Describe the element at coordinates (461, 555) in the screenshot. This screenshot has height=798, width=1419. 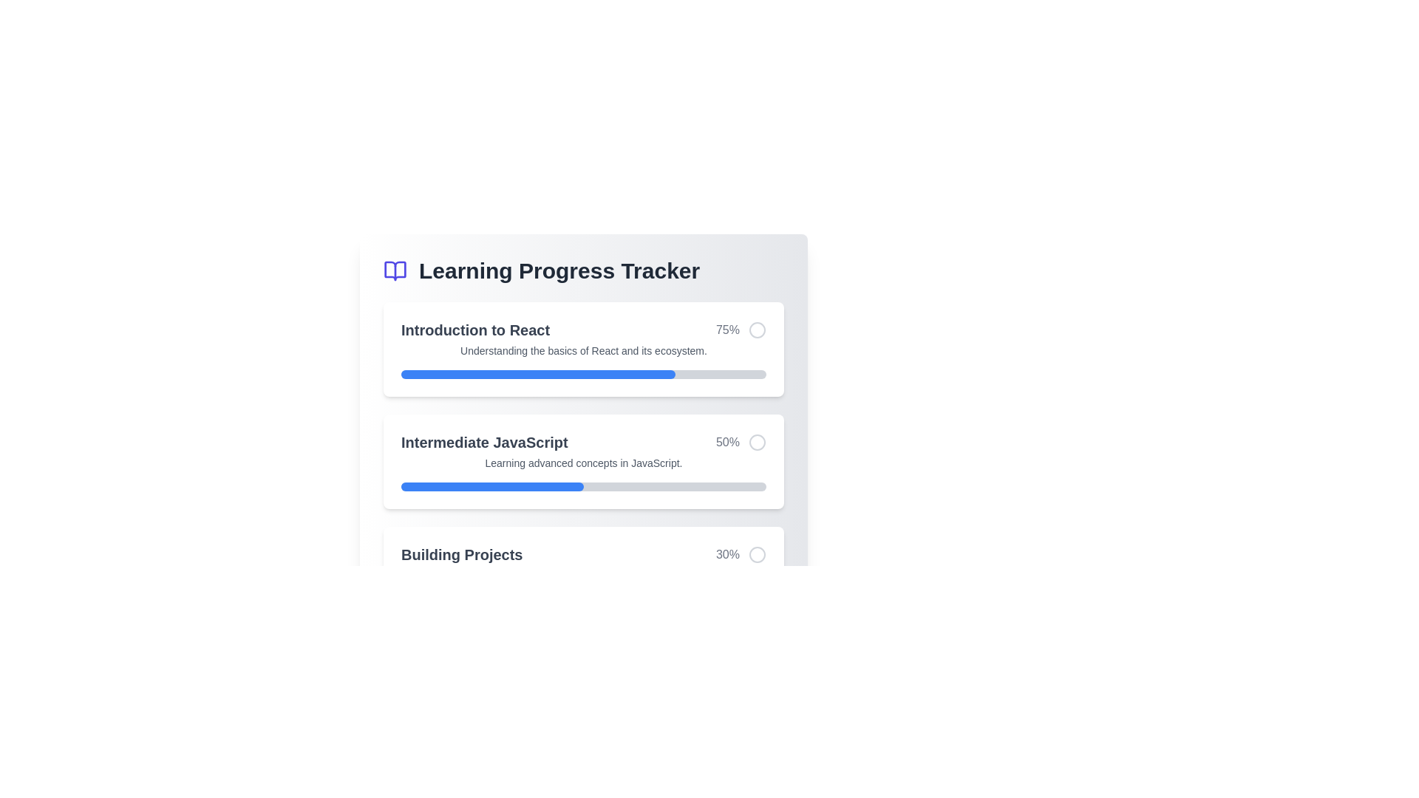
I see `the textual label with the content 'Building Projects', which is prominently styled in bold dark gray and positioned to the left of percentage indicators and icons` at that location.